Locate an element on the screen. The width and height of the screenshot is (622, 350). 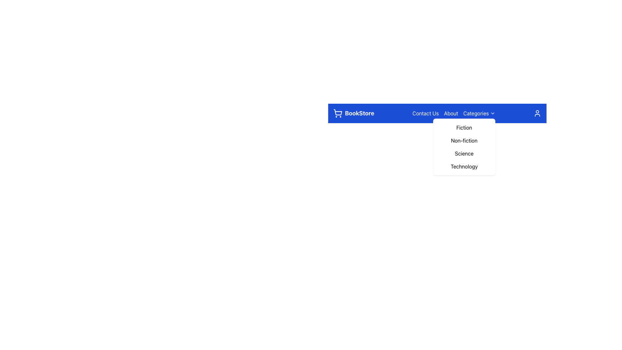
the 'Fiction' category text label in the dropdown menu is located at coordinates (464, 127).